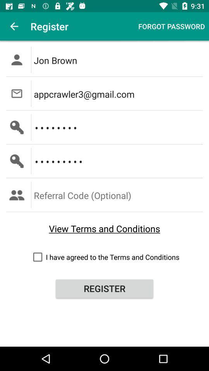 The height and width of the screenshot is (371, 209). Describe the element at coordinates (171, 26) in the screenshot. I see `the forgot password at the top right corner` at that location.